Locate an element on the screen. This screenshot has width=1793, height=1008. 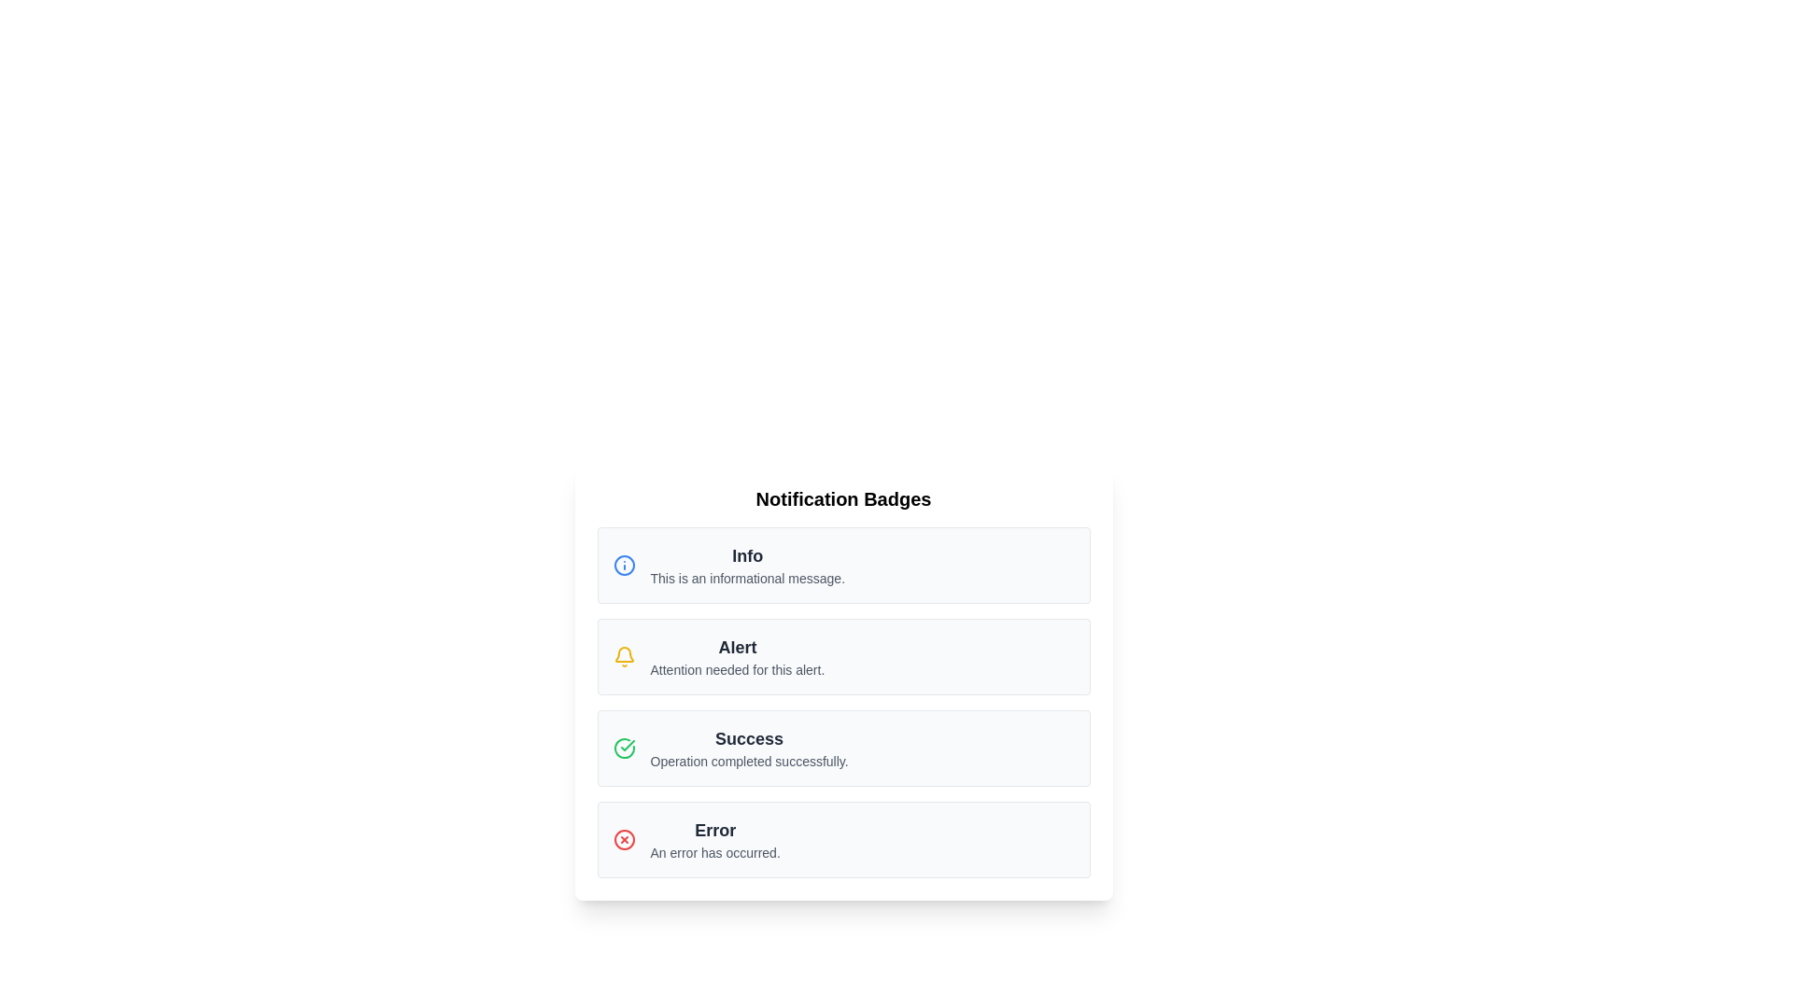
text from the Text Header located at the very top of the list section, which serves as a title or section header providing context for the content below is located at coordinates (842, 498).